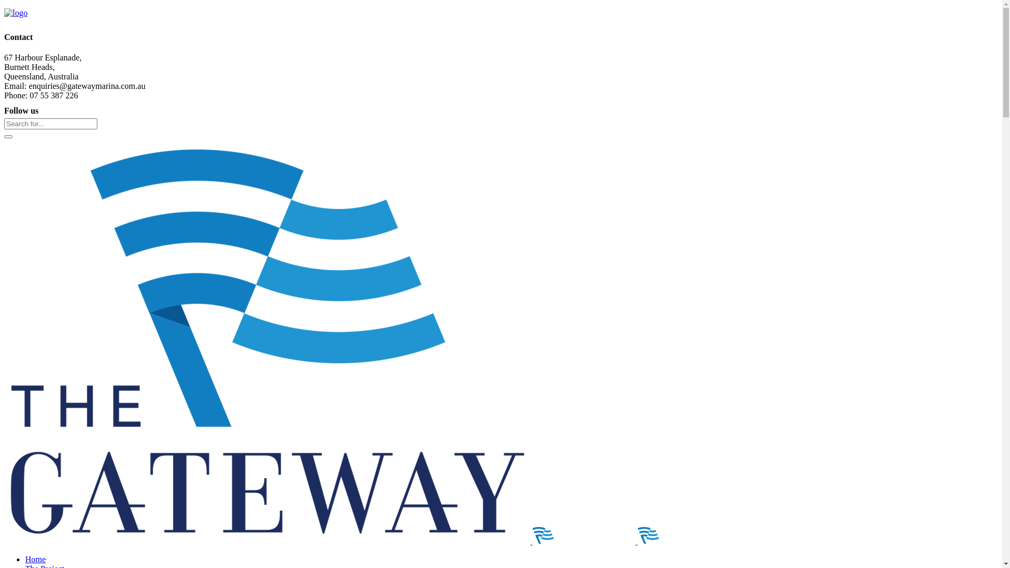 This screenshot has height=568, width=1010. Describe the element at coordinates (25, 559) in the screenshot. I see `'Home'` at that location.